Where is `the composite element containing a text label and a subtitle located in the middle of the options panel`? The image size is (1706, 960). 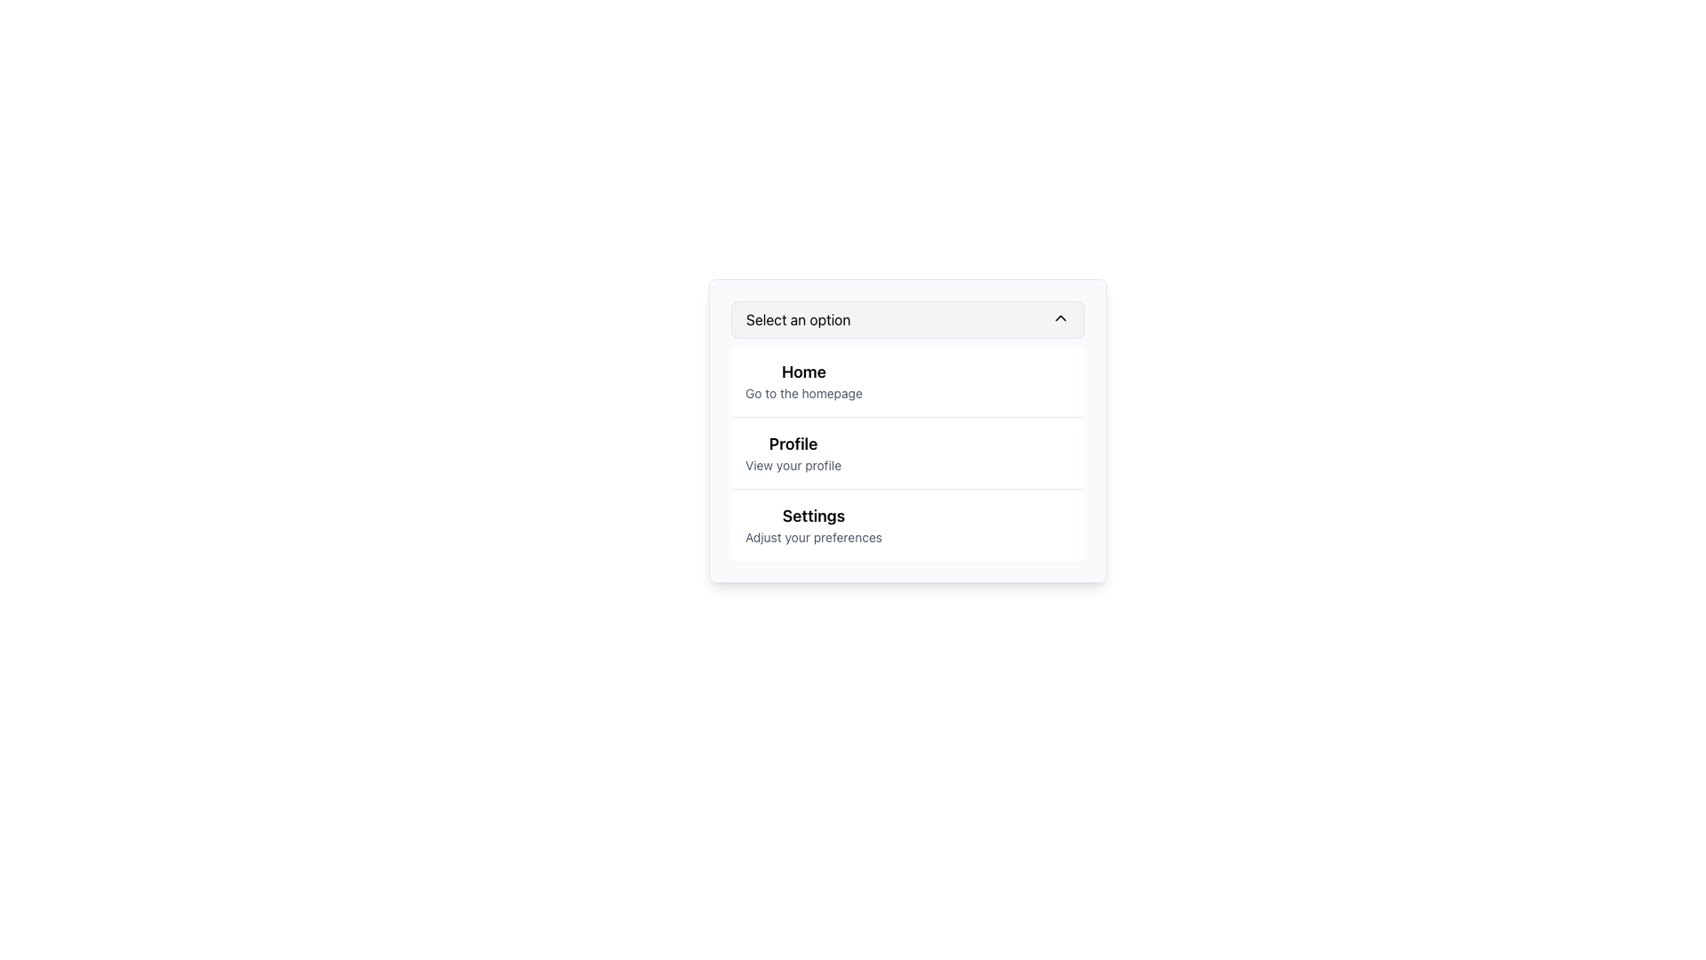
the composite element containing a text label and a subtitle located in the middle of the options panel is located at coordinates (792, 452).